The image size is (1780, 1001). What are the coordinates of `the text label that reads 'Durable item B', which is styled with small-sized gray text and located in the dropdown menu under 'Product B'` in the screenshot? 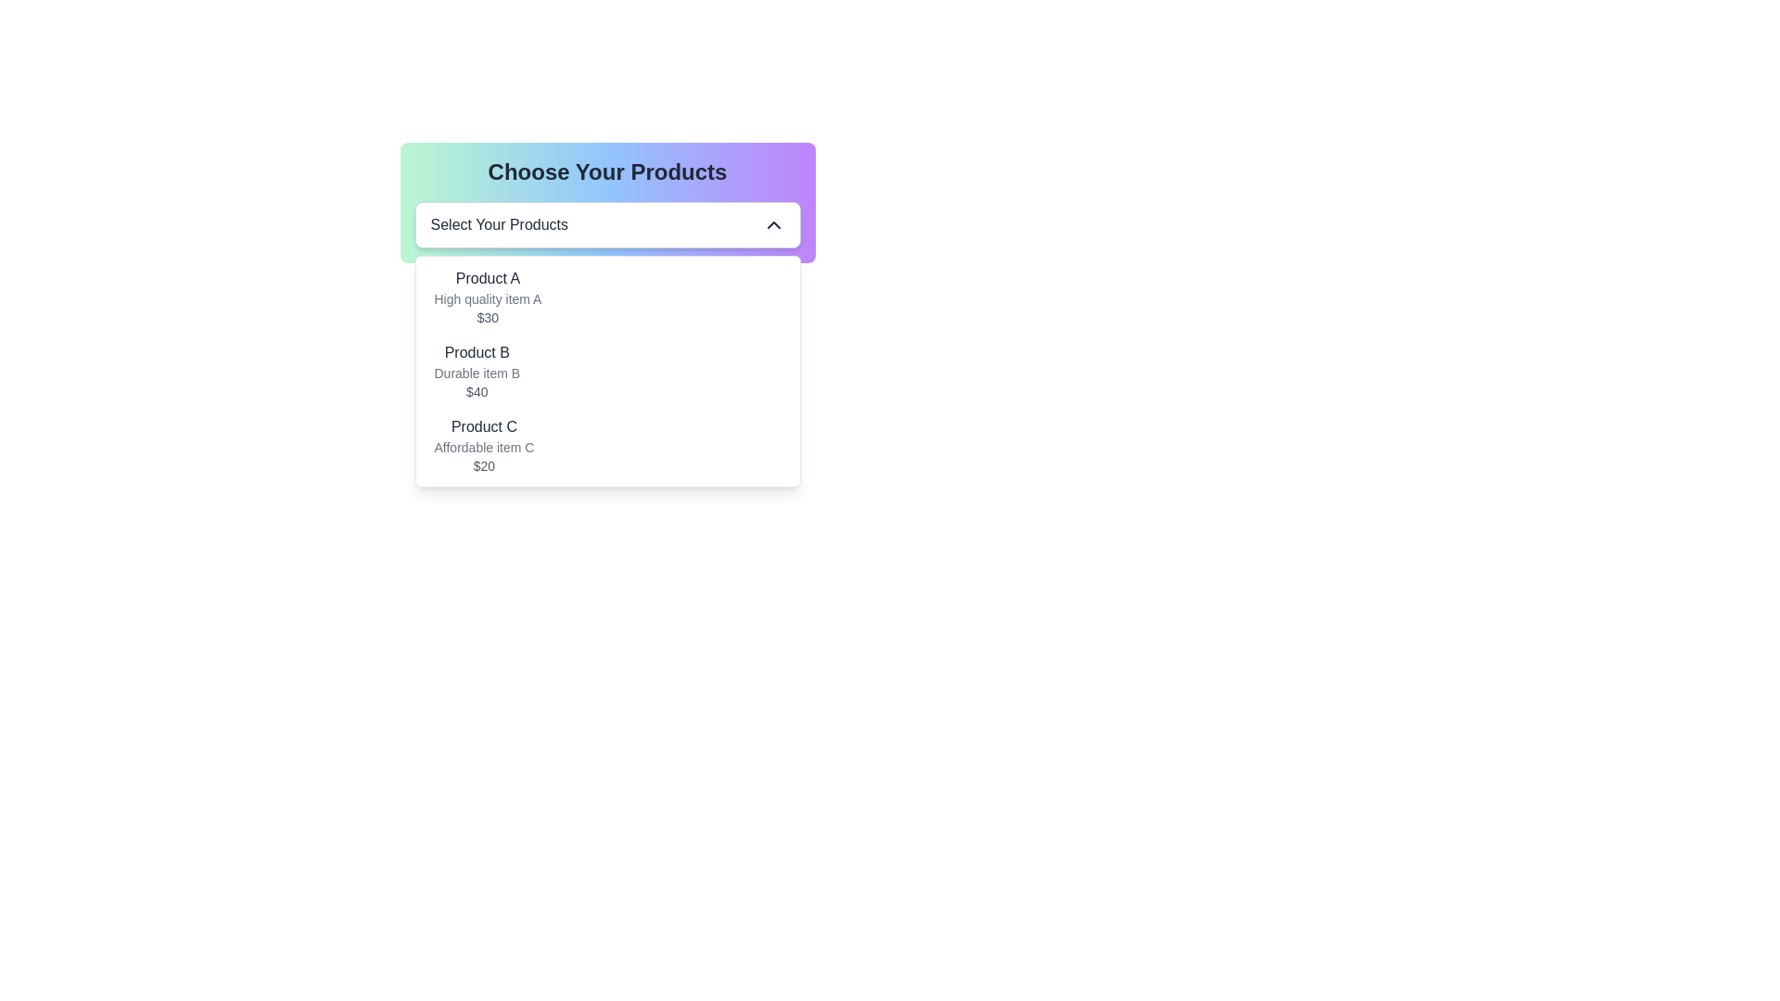 It's located at (477, 373).